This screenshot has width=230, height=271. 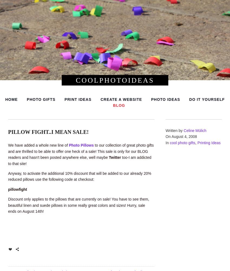 I want to click on 'On', so click(x=168, y=137).